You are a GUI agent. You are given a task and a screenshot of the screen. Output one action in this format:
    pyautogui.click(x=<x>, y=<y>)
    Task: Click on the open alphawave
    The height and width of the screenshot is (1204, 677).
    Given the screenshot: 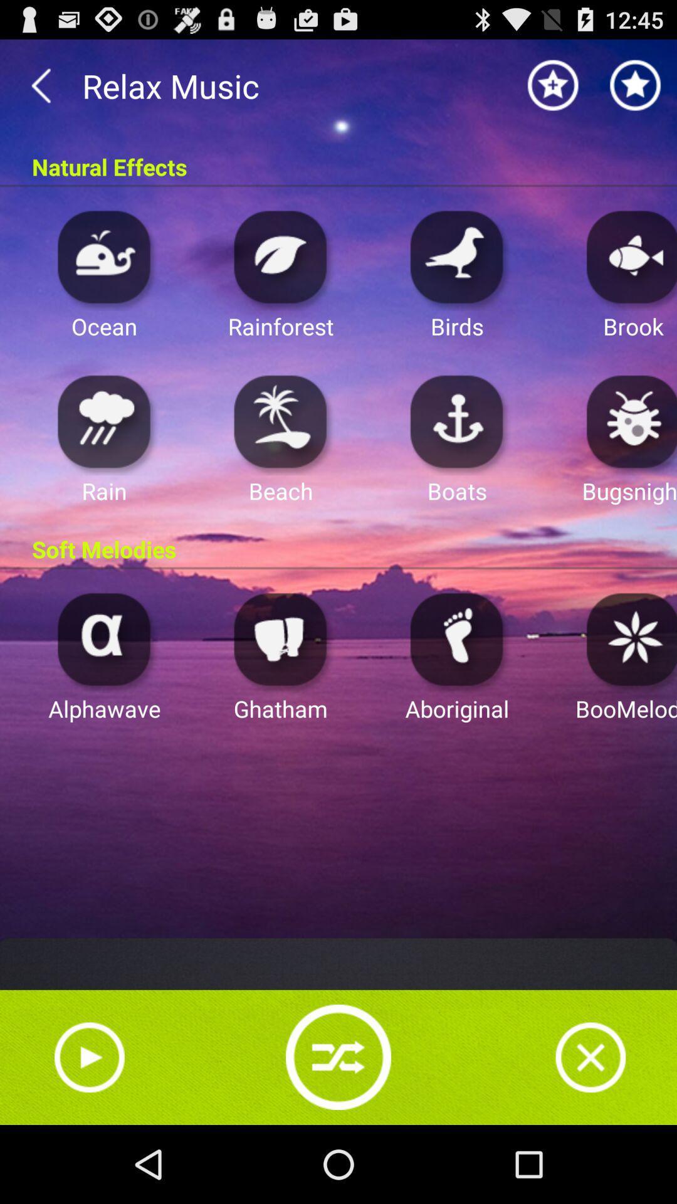 What is the action you would take?
    pyautogui.click(x=103, y=638)
    